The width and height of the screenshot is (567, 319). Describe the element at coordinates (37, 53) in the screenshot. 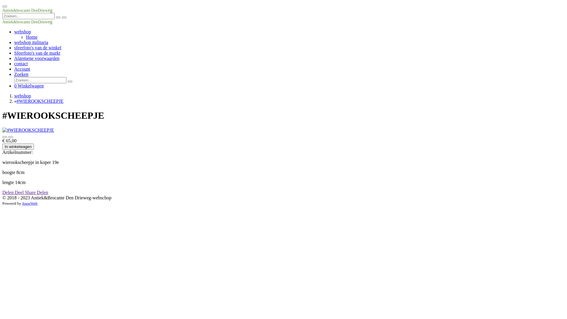

I see `'Sfeerfoto's van de markt'` at that location.